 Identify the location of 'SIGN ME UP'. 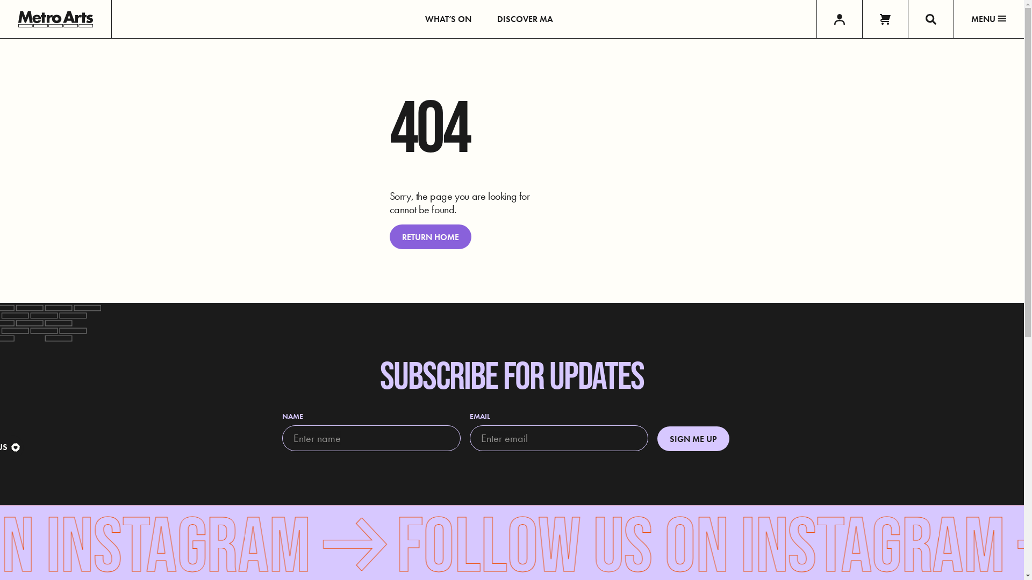
(693, 439).